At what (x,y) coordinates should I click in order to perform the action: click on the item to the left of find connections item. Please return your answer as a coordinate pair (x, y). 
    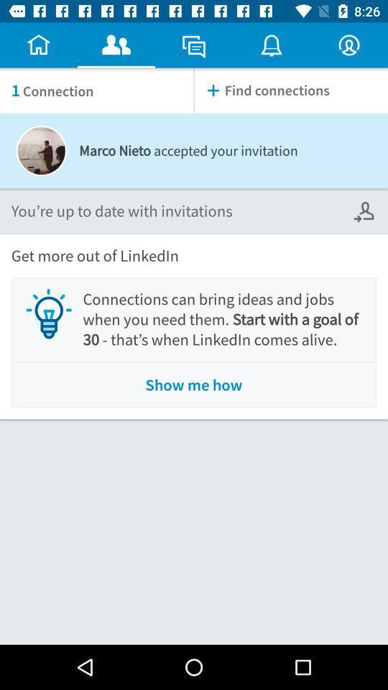
    Looking at the image, I should click on (96, 90).